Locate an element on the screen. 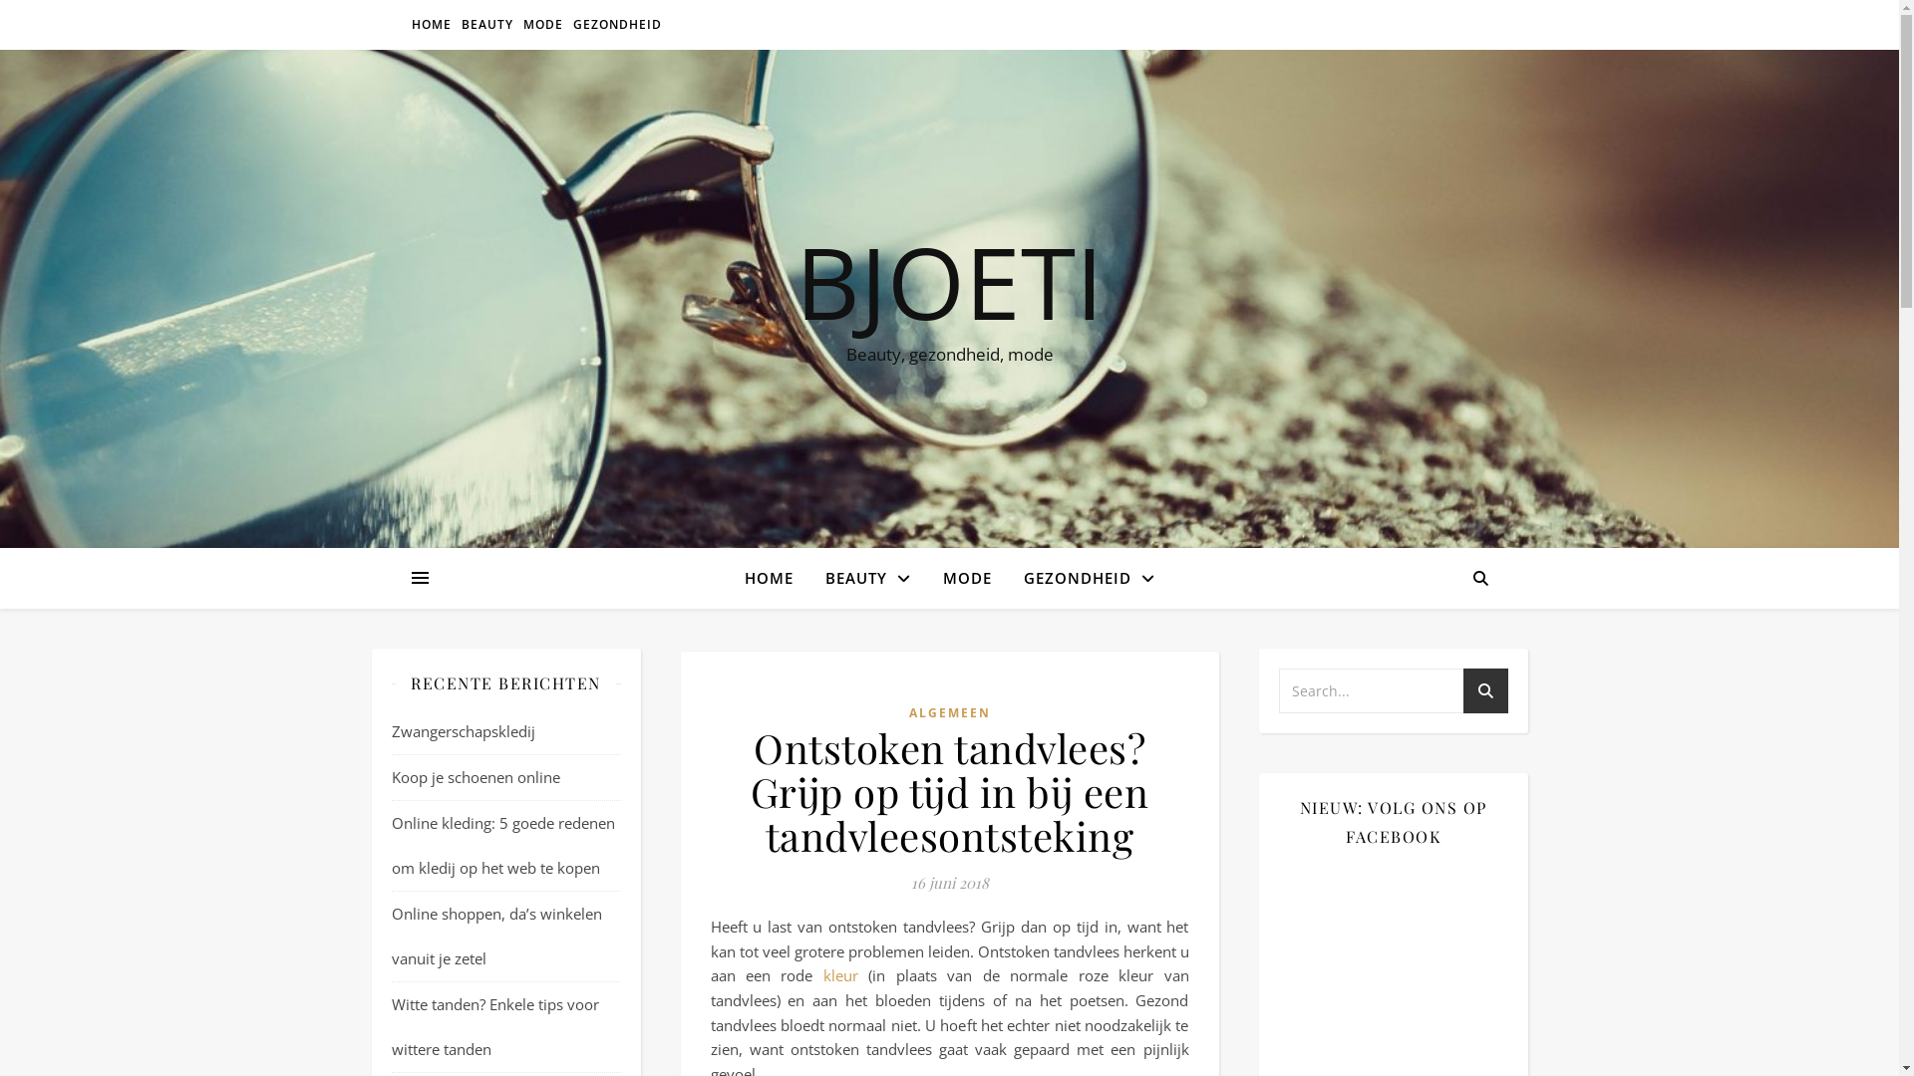 The width and height of the screenshot is (1914, 1076). 'BJOETI' is located at coordinates (948, 280).